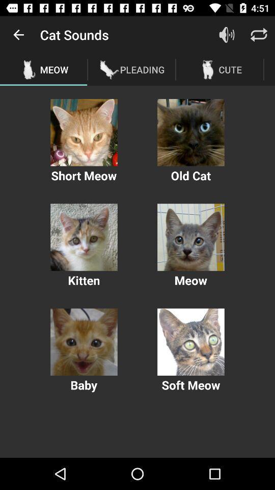  Describe the element at coordinates (84, 132) in the screenshot. I see `short meow` at that location.